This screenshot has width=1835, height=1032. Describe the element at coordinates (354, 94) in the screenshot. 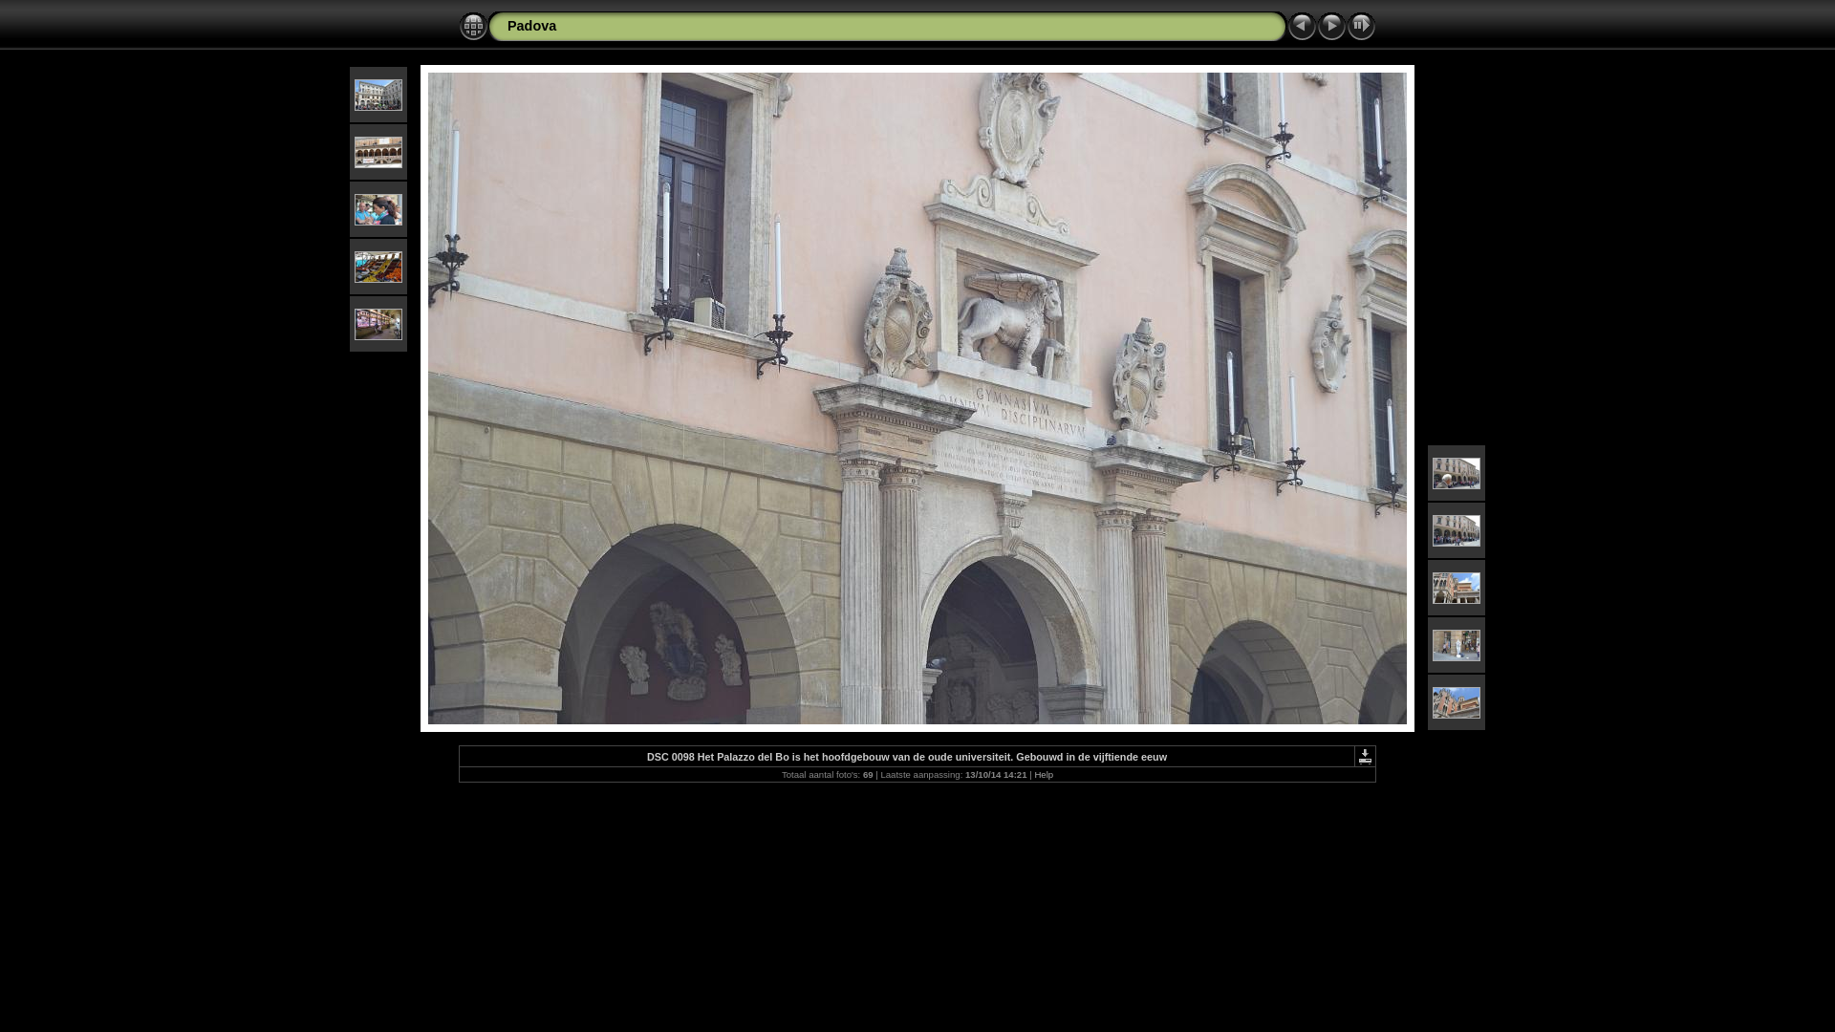

I see `' DSC_0090_Palazzo Moroni. Majestueus... '` at that location.